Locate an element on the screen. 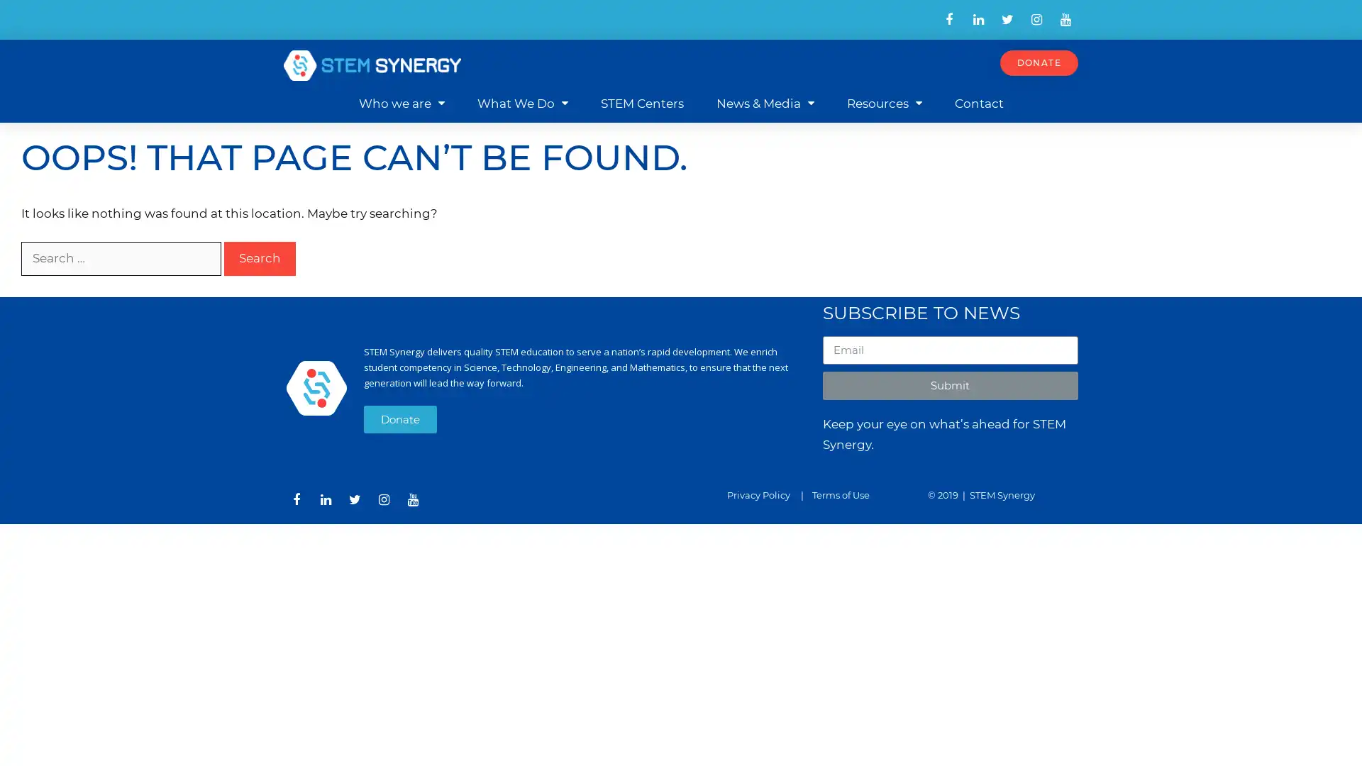 The image size is (1362, 766). Submit is located at coordinates (950, 385).